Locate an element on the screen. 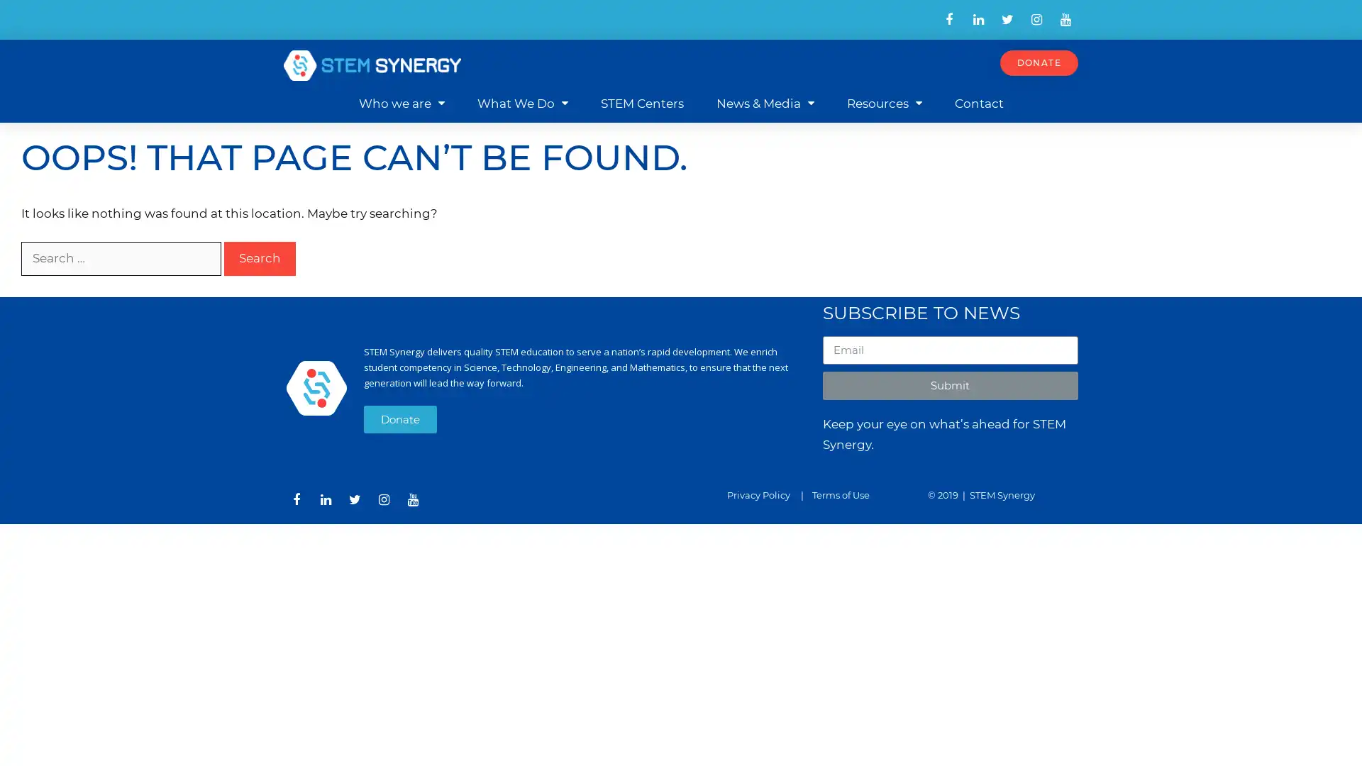 The image size is (1362, 766). Submit is located at coordinates (950, 385).